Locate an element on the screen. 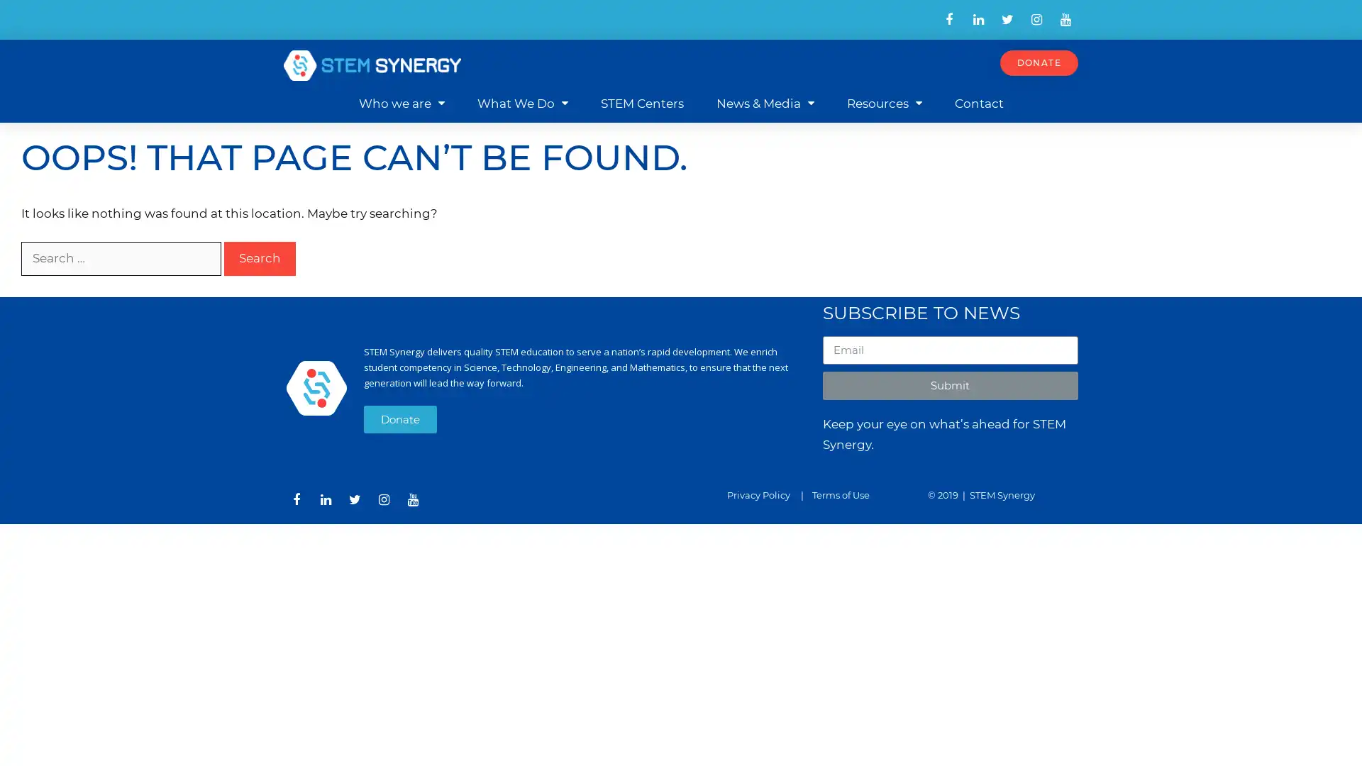 The image size is (1362, 766). Submit is located at coordinates (950, 385).